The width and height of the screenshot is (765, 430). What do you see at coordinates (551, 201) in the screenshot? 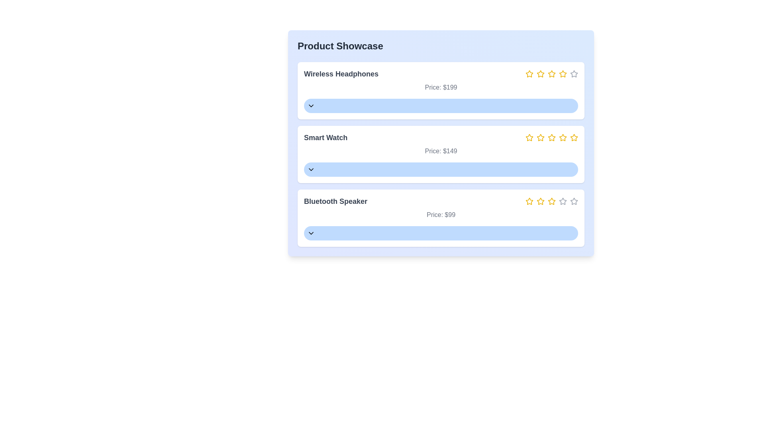
I see `the fourth star in the rating system for the 'Bluetooth Speaker' to set the rating to four stars` at bounding box center [551, 201].